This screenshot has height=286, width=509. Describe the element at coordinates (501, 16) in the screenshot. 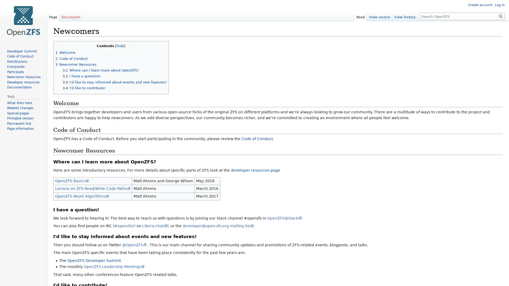

I see `Search` at that location.